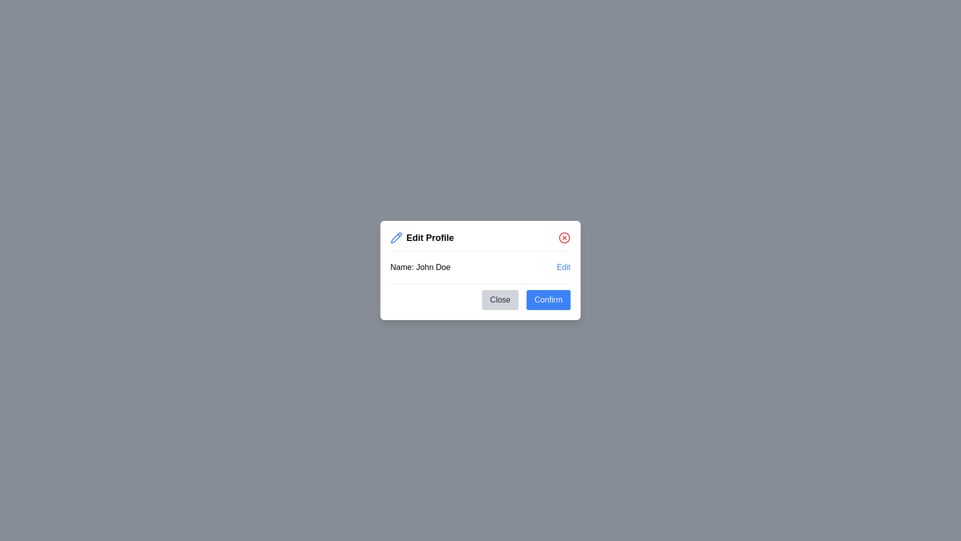 The width and height of the screenshot is (961, 541). What do you see at coordinates (564, 266) in the screenshot?
I see `the 'Edit' button to initiate editing the details for 'John Doe', located in the middle right section of the modal dialog` at bounding box center [564, 266].